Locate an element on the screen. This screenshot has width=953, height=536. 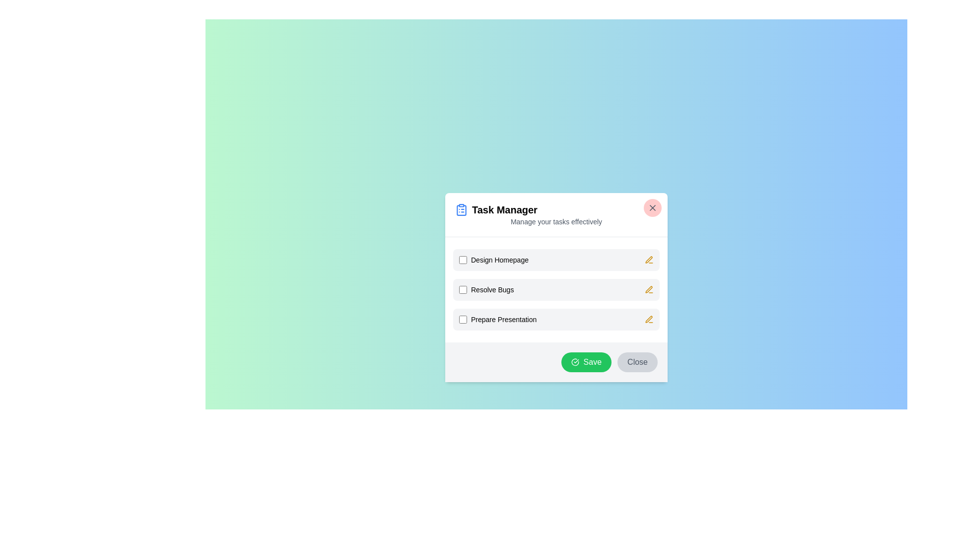
the scrollable list of tasks in the 'Task Manager' modal is located at coordinates (556, 289).